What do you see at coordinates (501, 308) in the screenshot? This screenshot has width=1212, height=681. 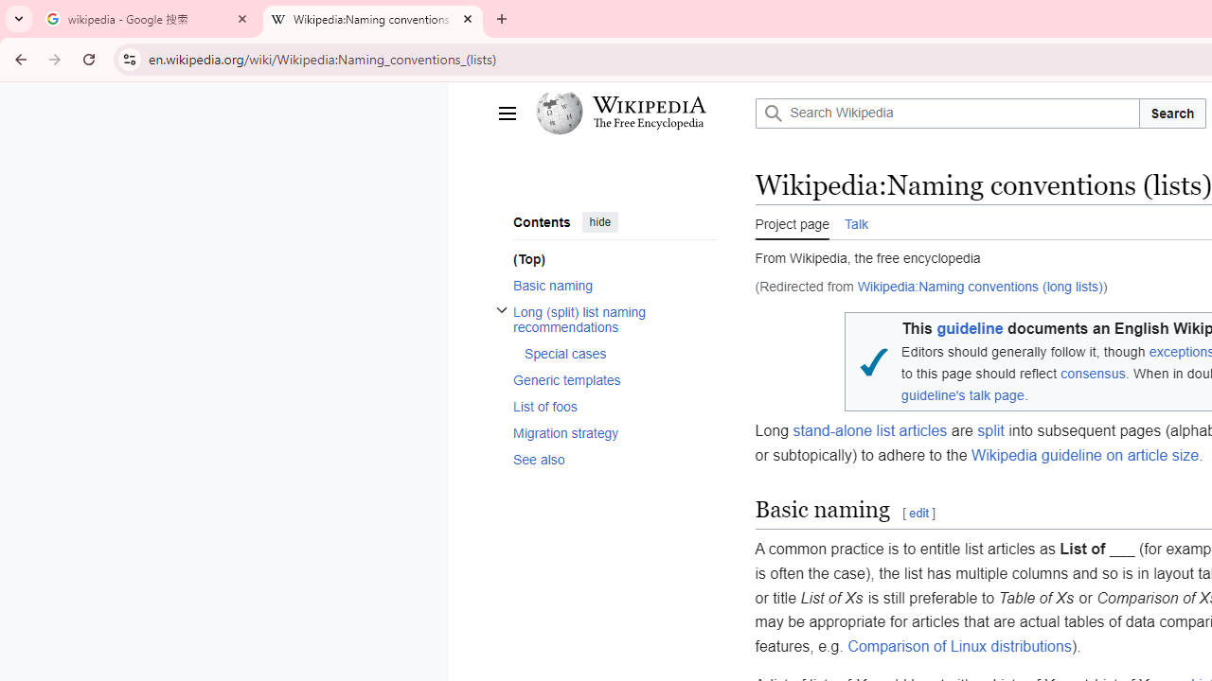 I see `'Toggle Long (split) list naming recommendations subsection'` at bounding box center [501, 308].